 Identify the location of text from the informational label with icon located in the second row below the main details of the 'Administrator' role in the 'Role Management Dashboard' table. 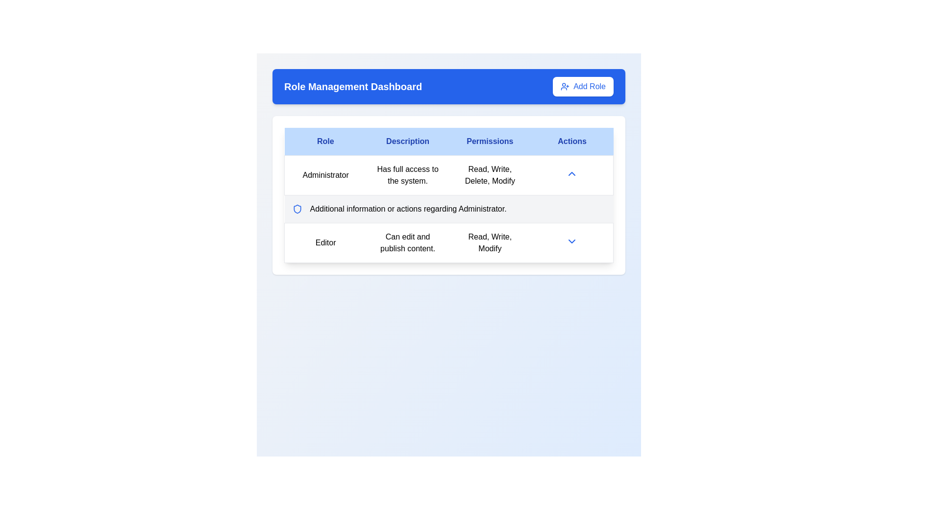
(448, 209).